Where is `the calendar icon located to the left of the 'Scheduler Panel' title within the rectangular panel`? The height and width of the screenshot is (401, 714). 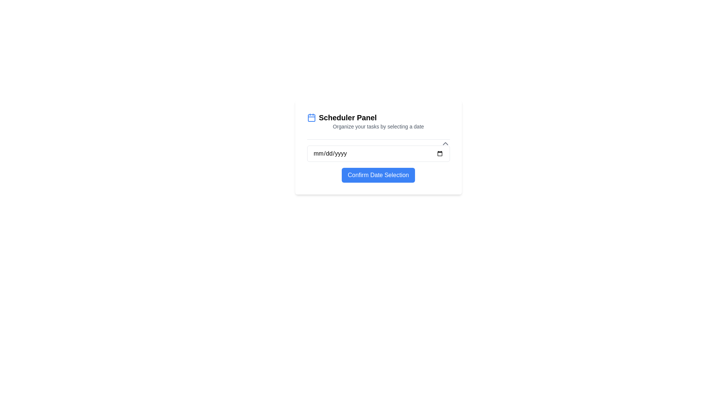 the calendar icon located to the left of the 'Scheduler Panel' title within the rectangular panel is located at coordinates (311, 117).